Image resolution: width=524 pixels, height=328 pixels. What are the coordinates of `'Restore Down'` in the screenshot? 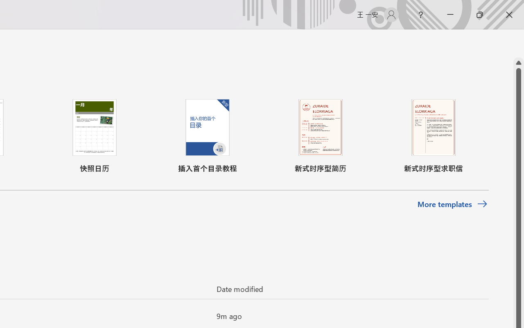 It's located at (480, 14).